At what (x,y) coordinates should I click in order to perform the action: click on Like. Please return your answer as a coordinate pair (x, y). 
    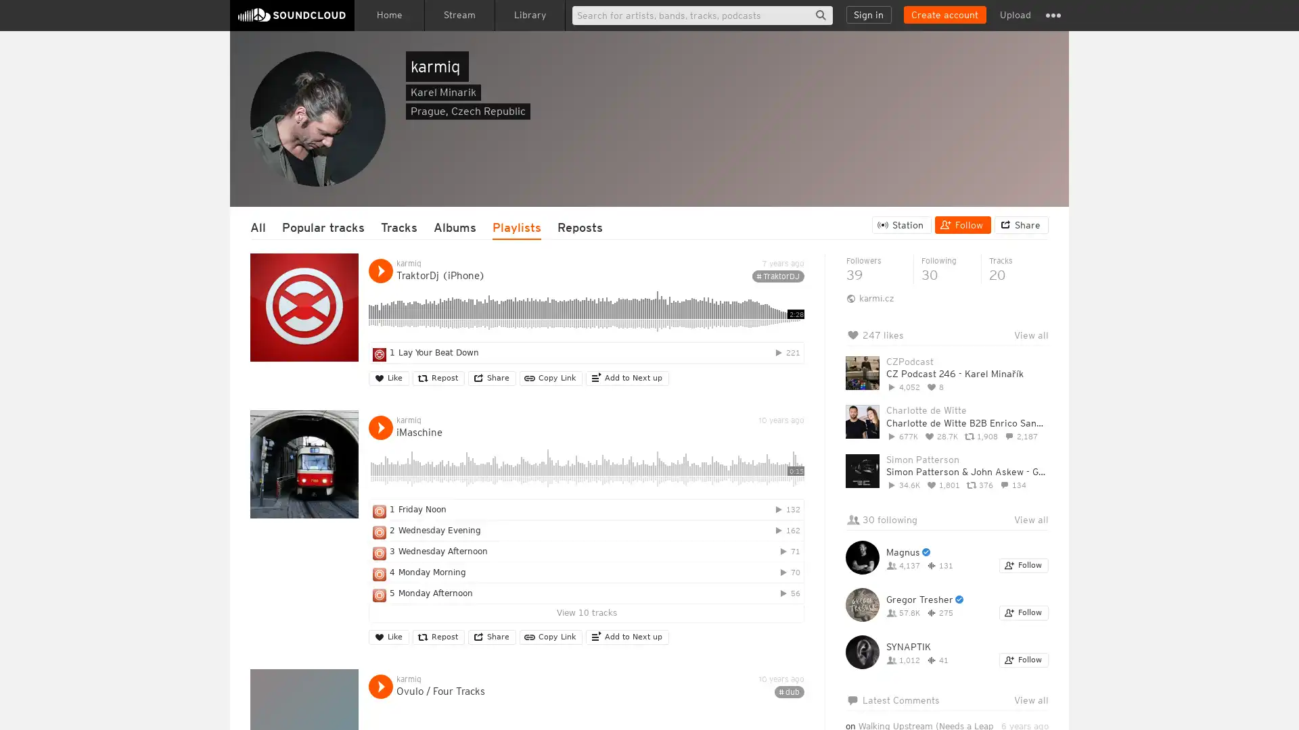
    Looking at the image, I should click on (388, 378).